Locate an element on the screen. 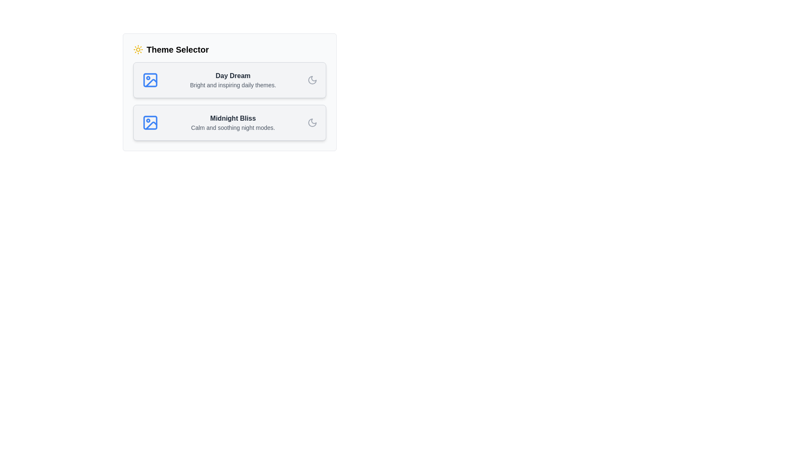 The height and width of the screenshot is (451, 802). the text element Day Dream to inspect its content closely is located at coordinates (233, 76).